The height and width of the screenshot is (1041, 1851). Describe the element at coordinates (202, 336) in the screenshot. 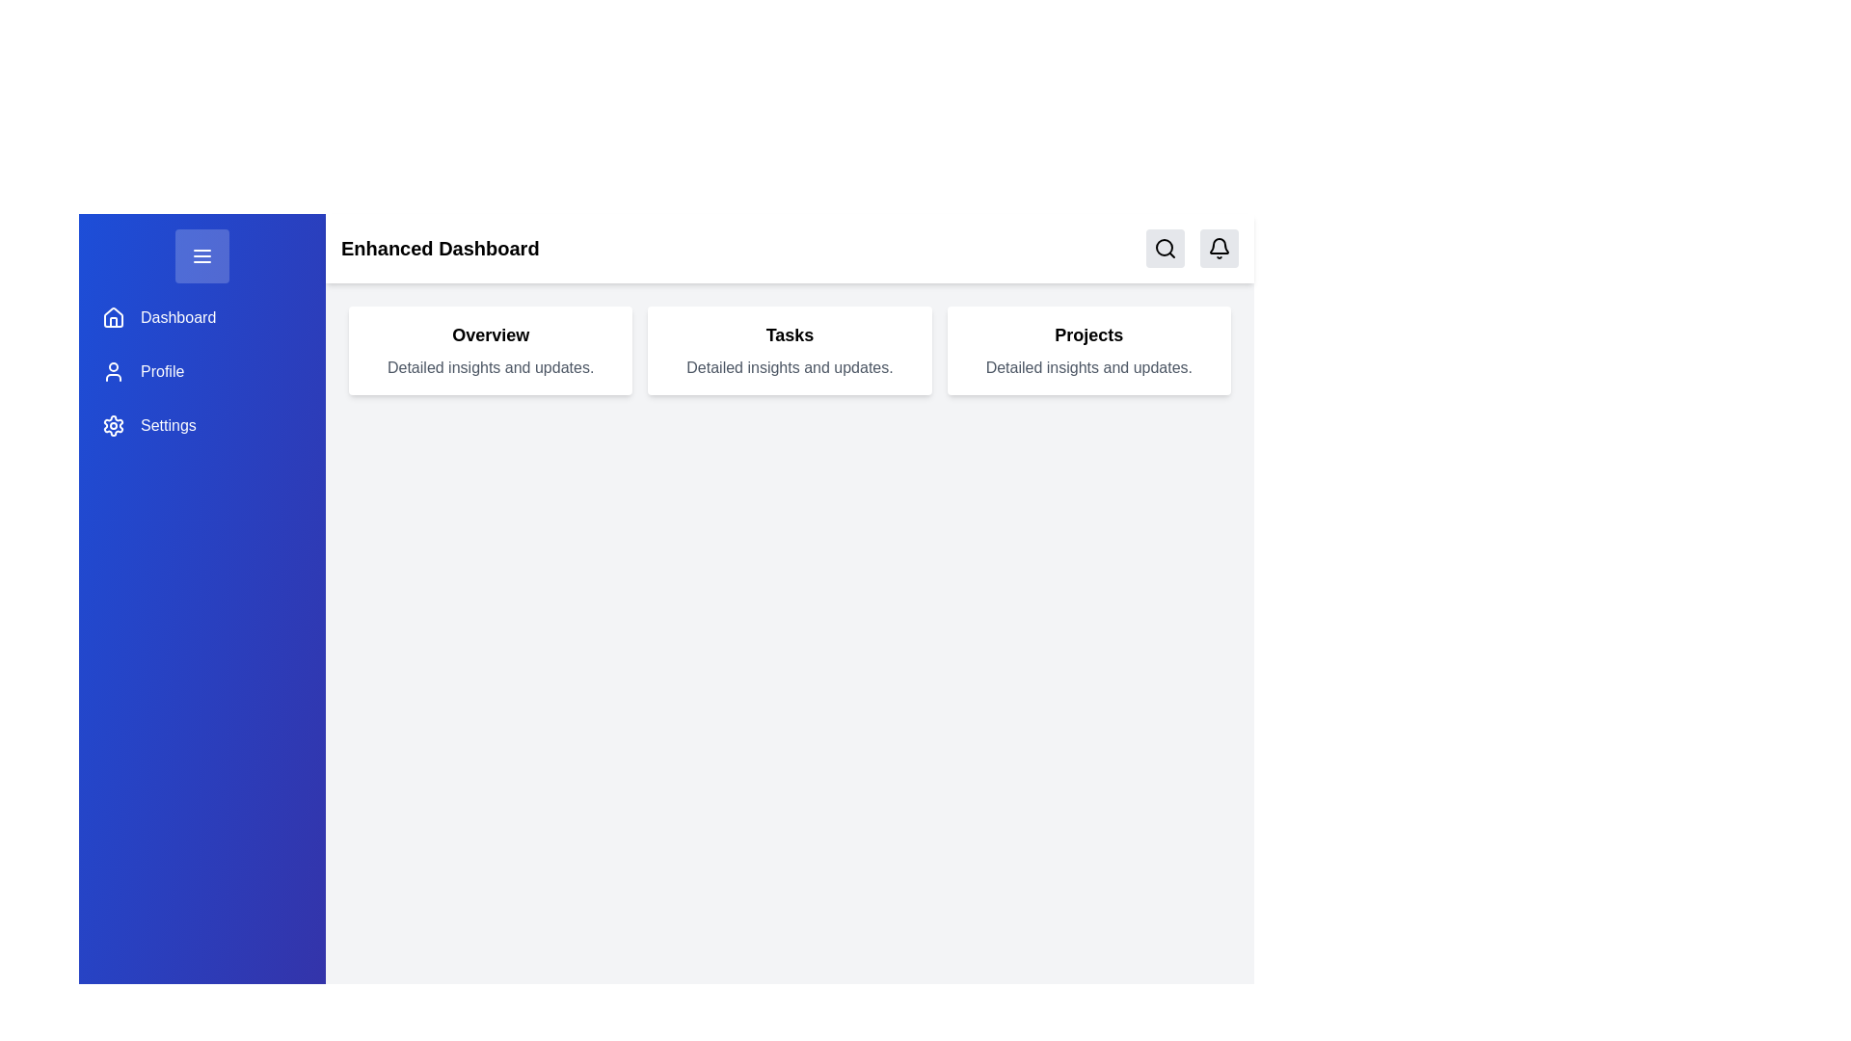

I see `the Sidebar menu` at that location.